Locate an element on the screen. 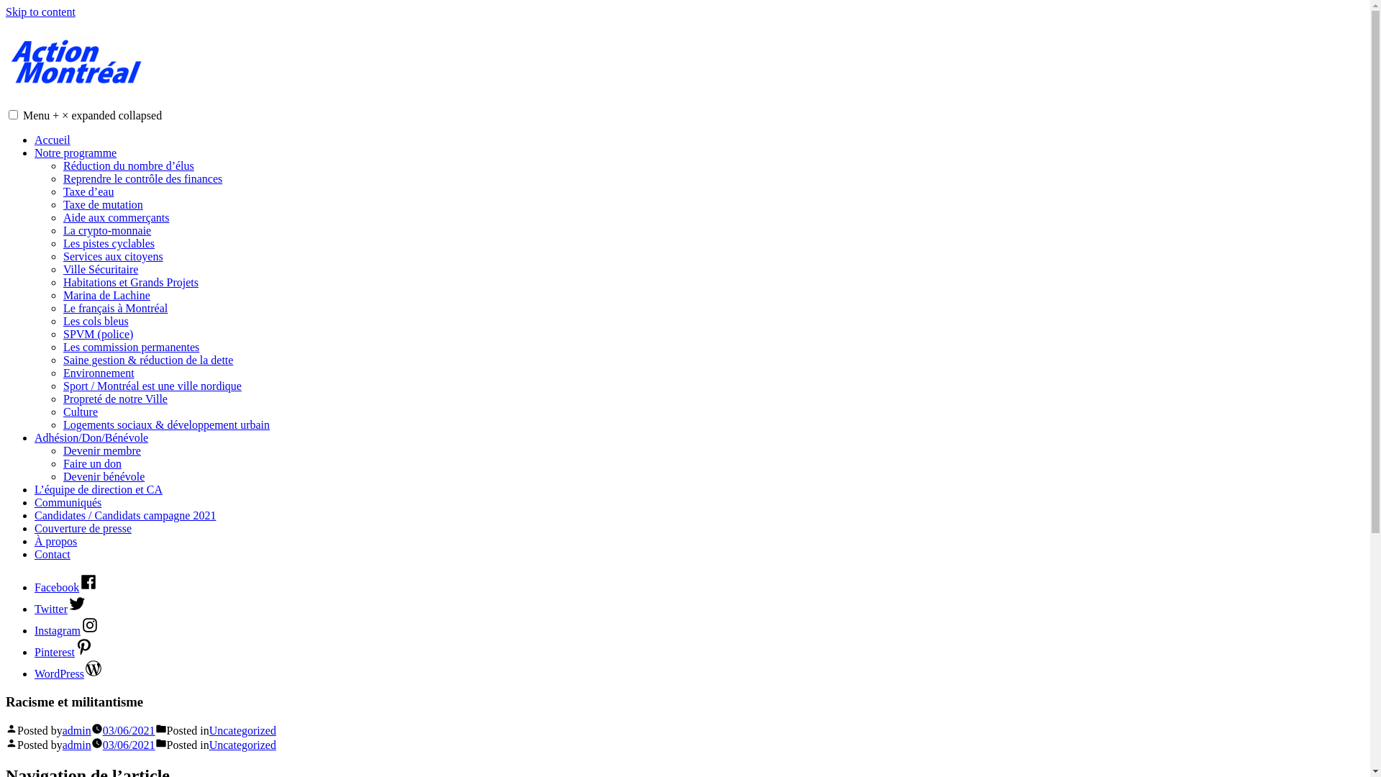 The height and width of the screenshot is (777, 1381). 'Facebook' is located at coordinates (65, 587).